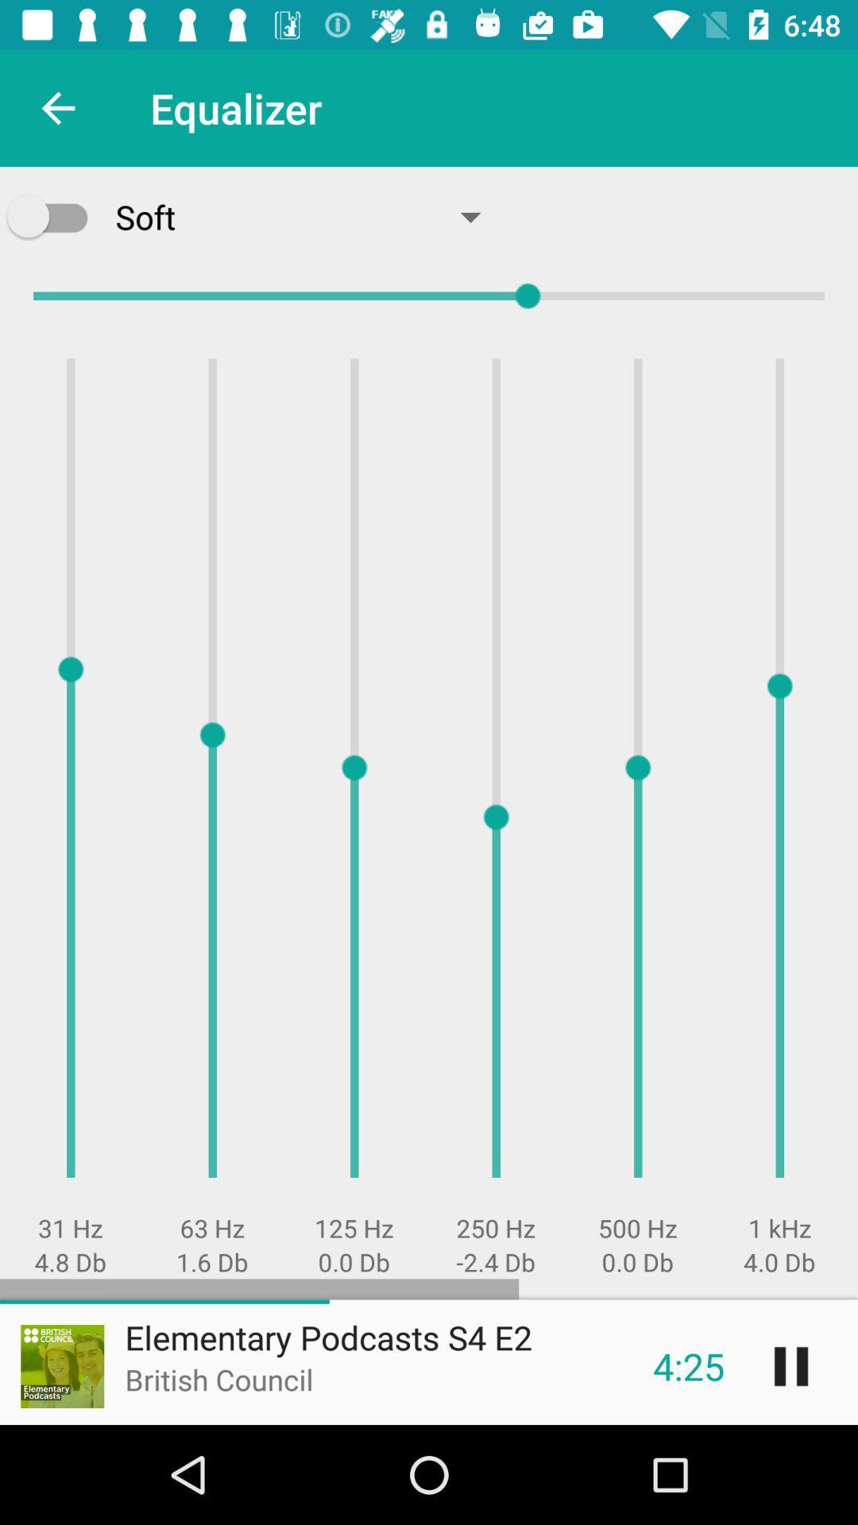 The image size is (858, 1525). Describe the element at coordinates (790, 1365) in the screenshot. I see `the pause icon` at that location.